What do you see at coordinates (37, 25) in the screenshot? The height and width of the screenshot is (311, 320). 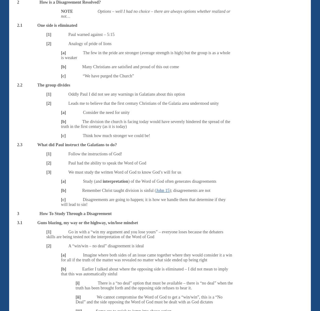 I see `'One side is eliminated'` at bounding box center [37, 25].